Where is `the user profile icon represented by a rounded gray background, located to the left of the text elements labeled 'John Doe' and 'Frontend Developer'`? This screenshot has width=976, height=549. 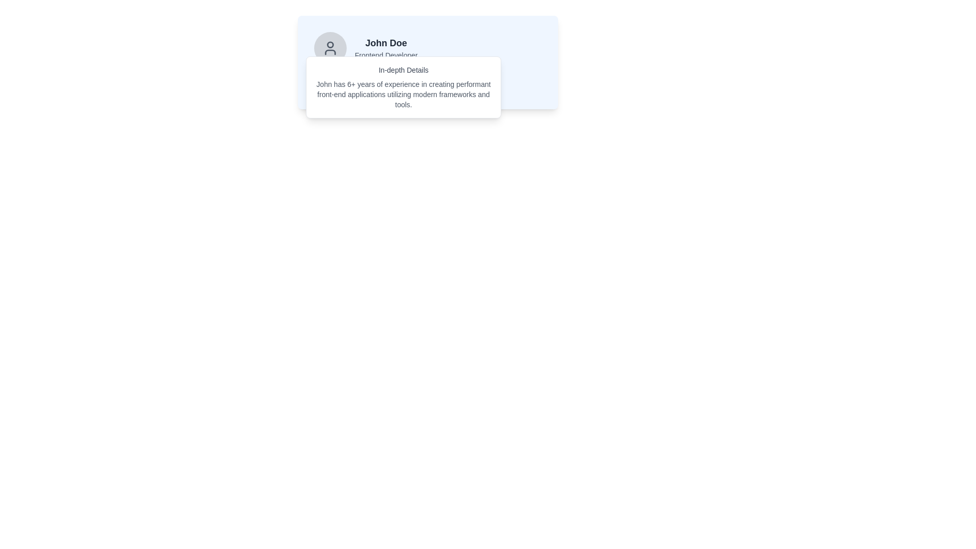
the user profile icon represented by a rounded gray background, located to the left of the text elements labeled 'John Doe' and 'Frontend Developer' is located at coordinates (330, 48).